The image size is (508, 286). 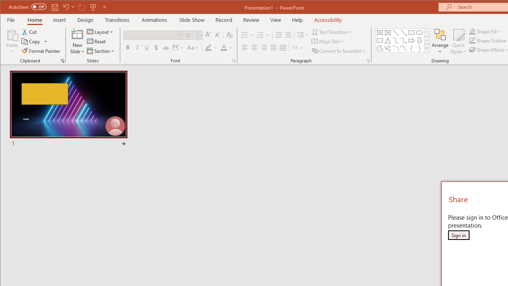 What do you see at coordinates (458, 235) in the screenshot?
I see `'Sign in'` at bounding box center [458, 235].